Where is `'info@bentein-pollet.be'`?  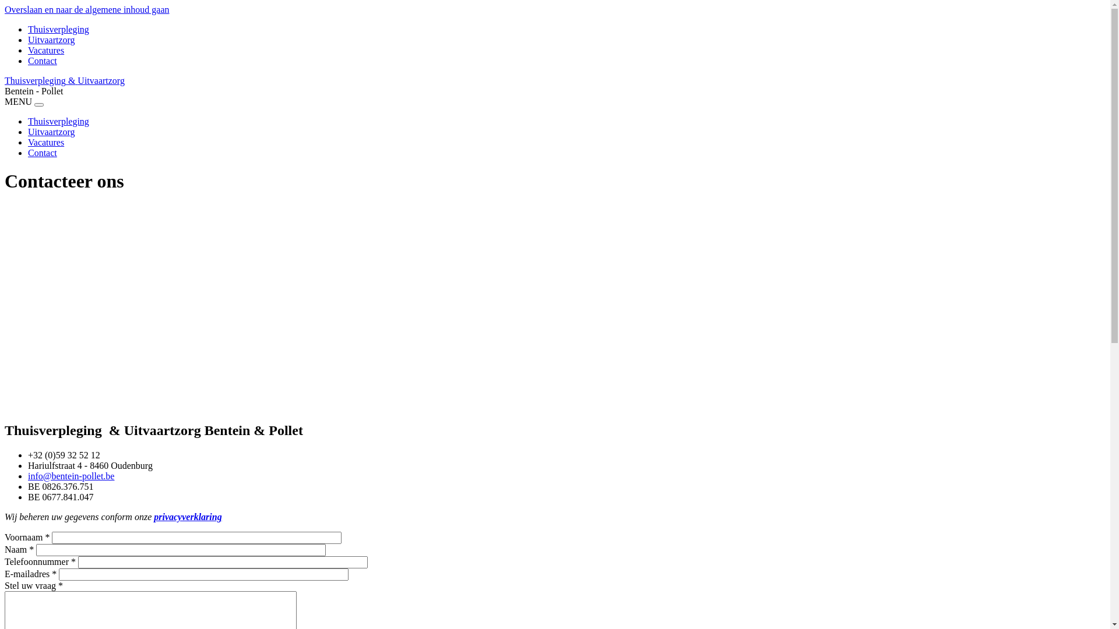
'info@bentein-pollet.be' is located at coordinates (70, 476).